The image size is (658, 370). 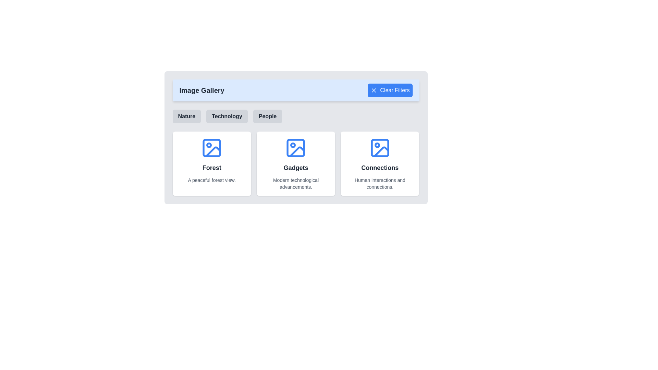 What do you see at coordinates (211, 148) in the screenshot?
I see `the blue icon resembling an image outline with a circle and diagonal line inside, which is located within the white rounded card titled 'Forest'` at bounding box center [211, 148].